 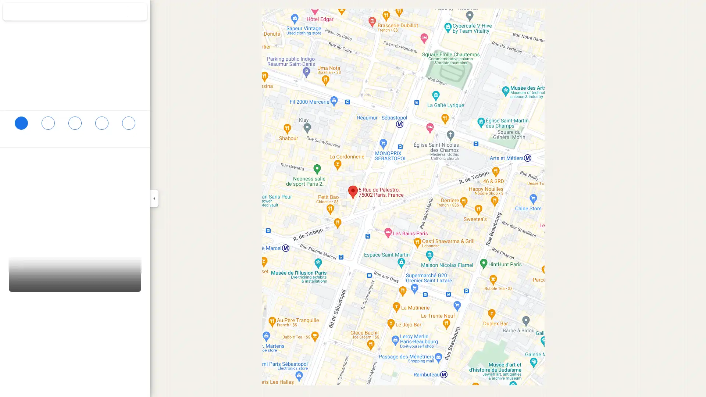 What do you see at coordinates (13, 12) in the screenshot?
I see `Menu` at bounding box center [13, 12].